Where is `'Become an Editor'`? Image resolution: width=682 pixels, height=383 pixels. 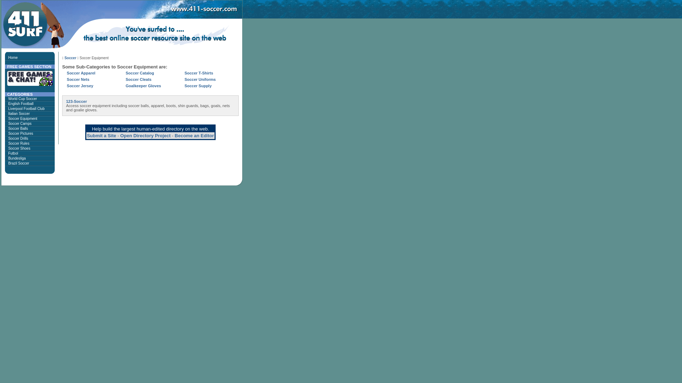 'Become an Editor' is located at coordinates (194, 135).